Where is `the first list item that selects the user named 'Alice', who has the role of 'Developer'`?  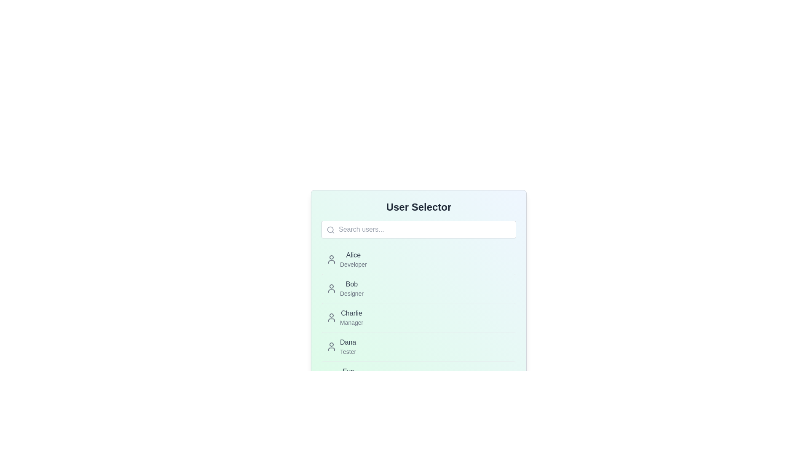
the first list item that selects the user named 'Alice', who has the role of 'Developer' is located at coordinates (418, 259).